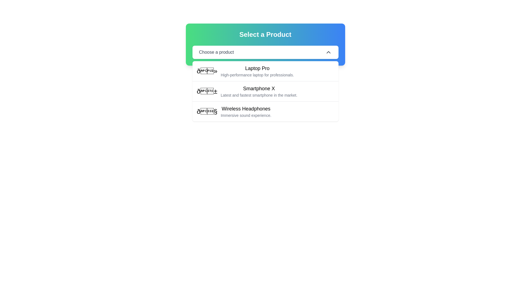 The width and height of the screenshot is (531, 299). What do you see at coordinates (259, 88) in the screenshot?
I see `the product name identifier text label located in the second row of the dropdown menu, positioned between 'Laptop Pro' and 'Wireless Headphones'` at bounding box center [259, 88].